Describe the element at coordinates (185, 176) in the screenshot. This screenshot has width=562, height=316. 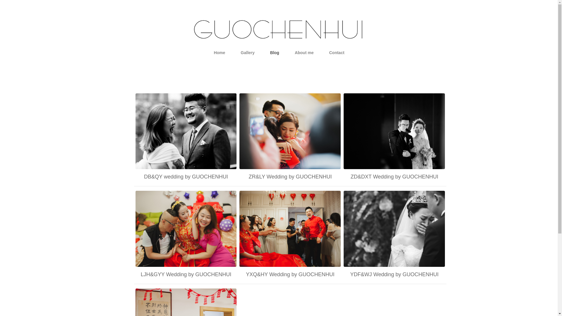
I see `'DB&QY wedding by GUOCHENHUI'` at that location.